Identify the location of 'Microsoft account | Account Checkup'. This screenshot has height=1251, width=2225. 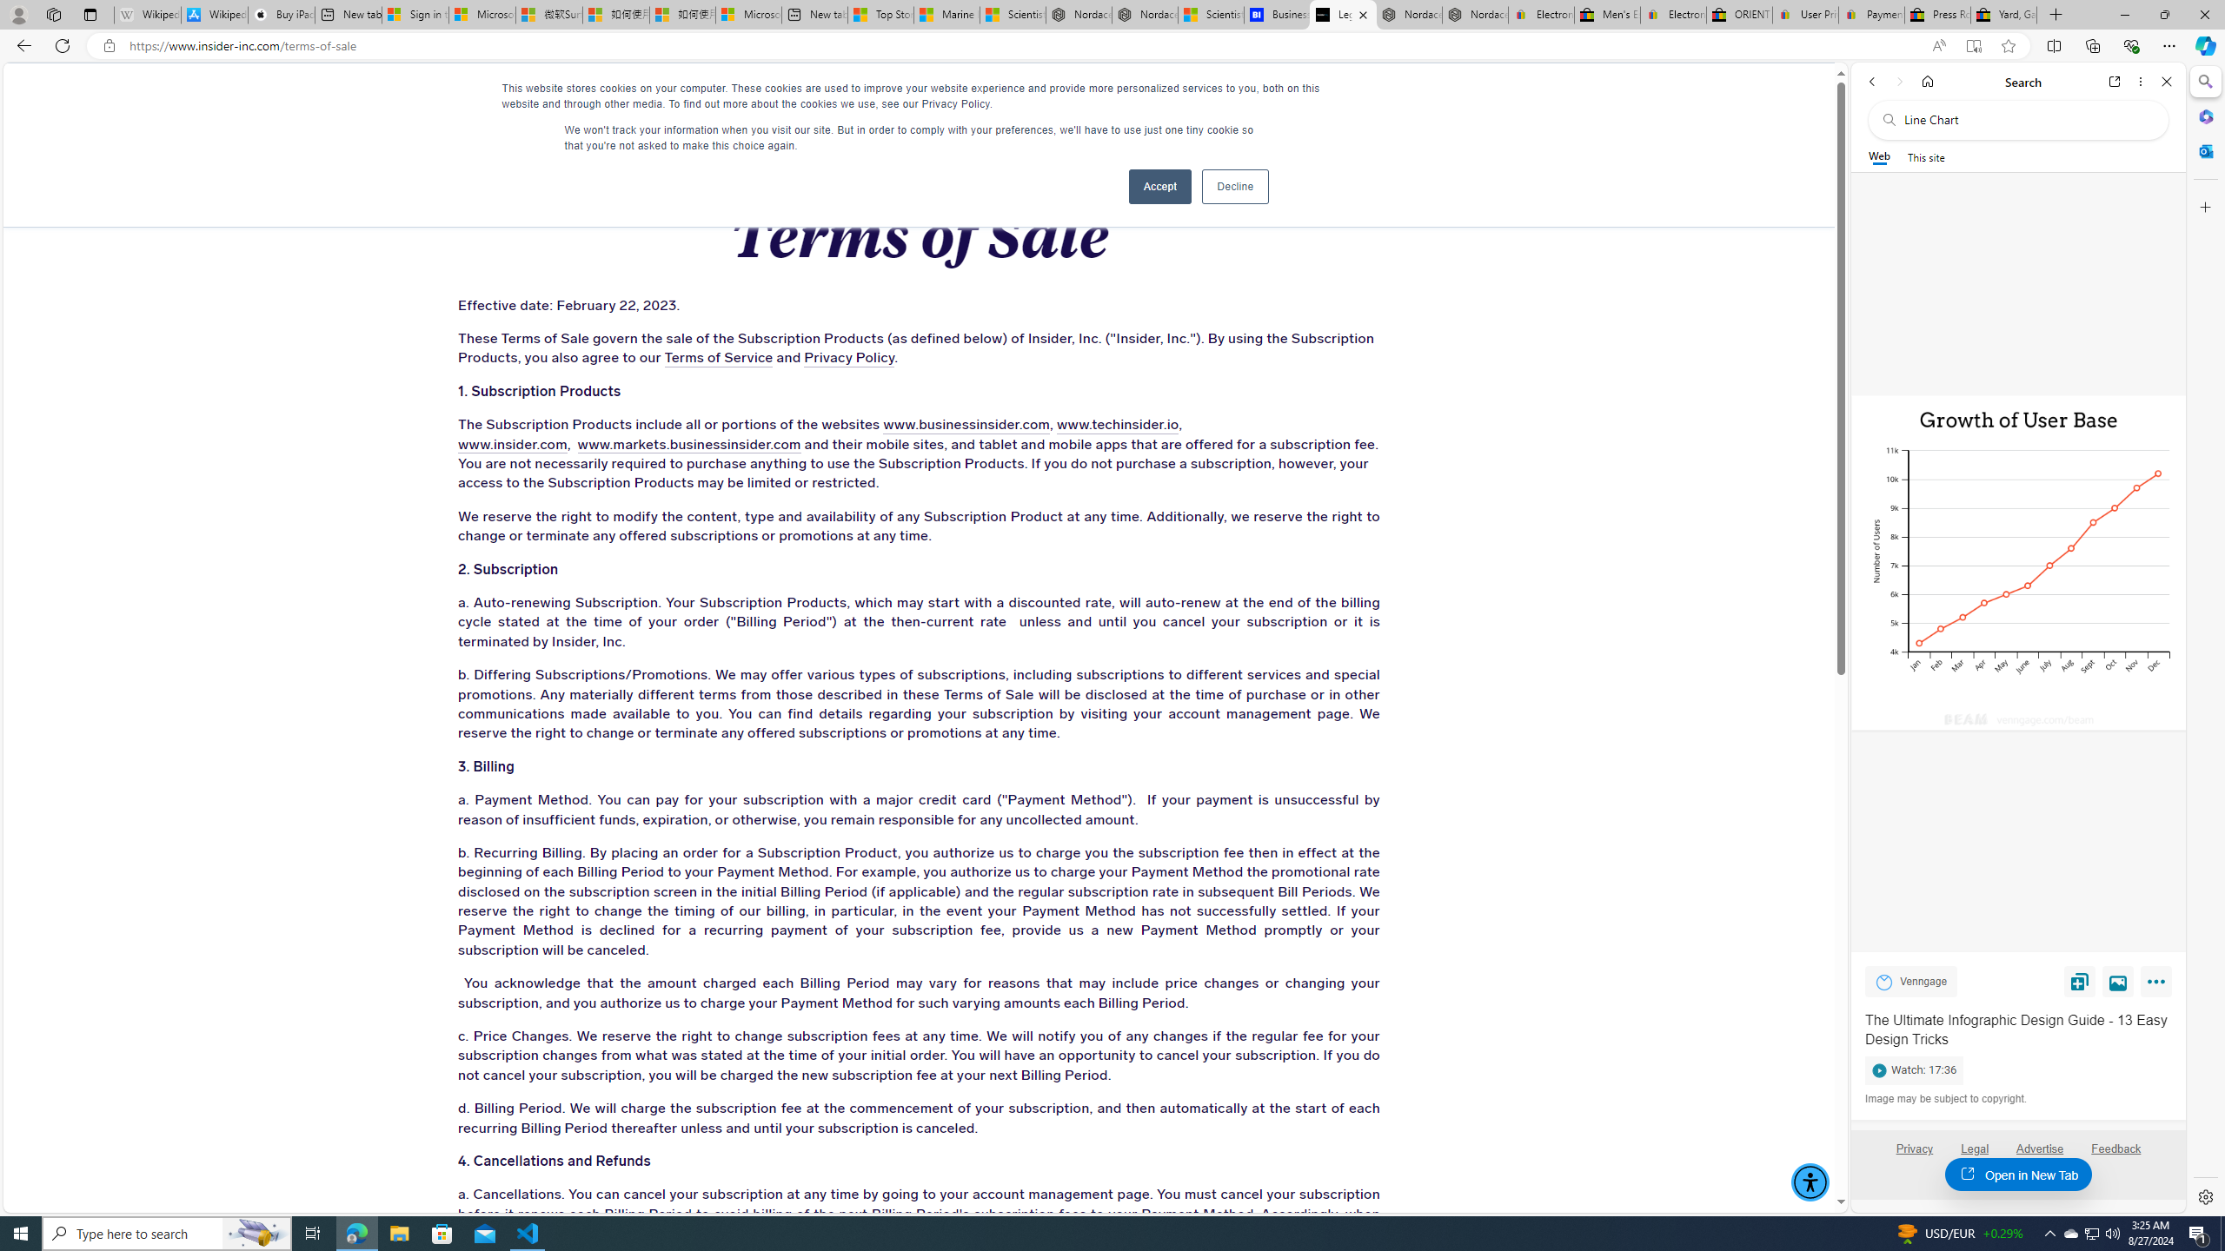
(747, 14).